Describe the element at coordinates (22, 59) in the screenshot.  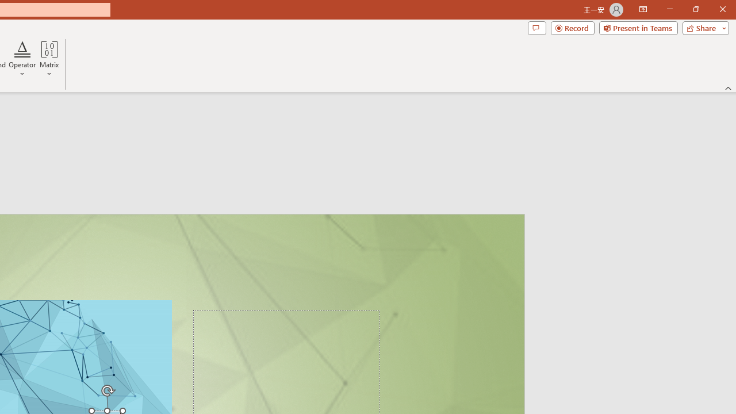
I see `'Operator'` at that location.